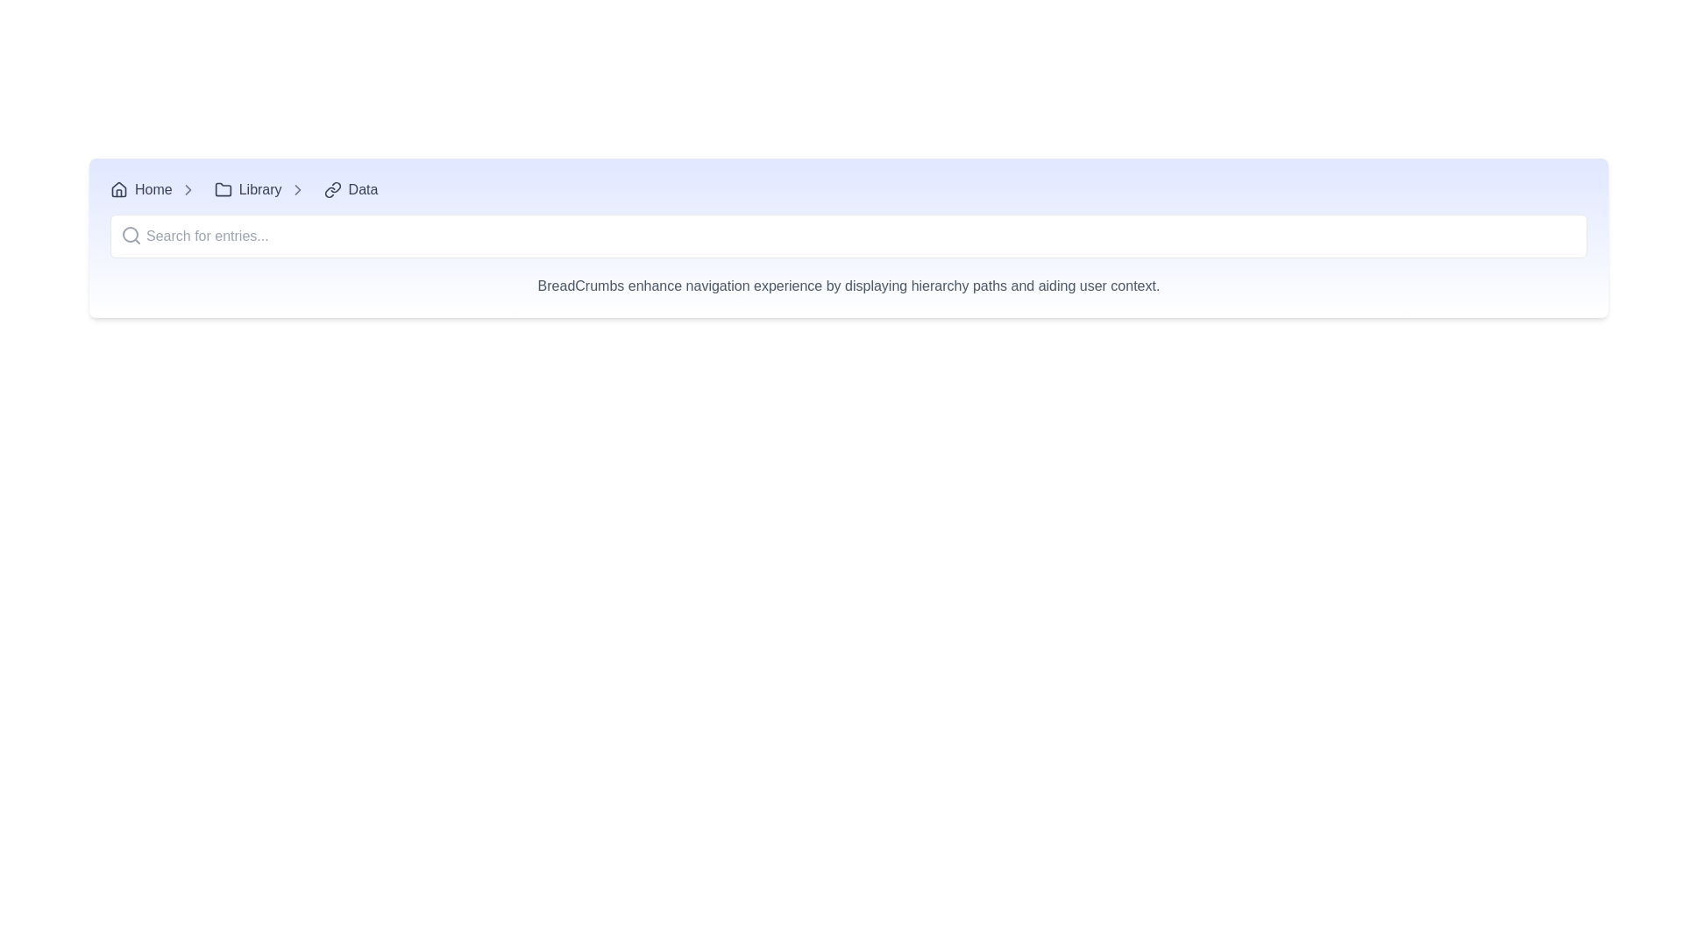 The image size is (1683, 946). I want to click on the 'Home' navigation link element located in the breadcrumb navigation bar to change its color from muted gray to indigo, so click(141, 189).